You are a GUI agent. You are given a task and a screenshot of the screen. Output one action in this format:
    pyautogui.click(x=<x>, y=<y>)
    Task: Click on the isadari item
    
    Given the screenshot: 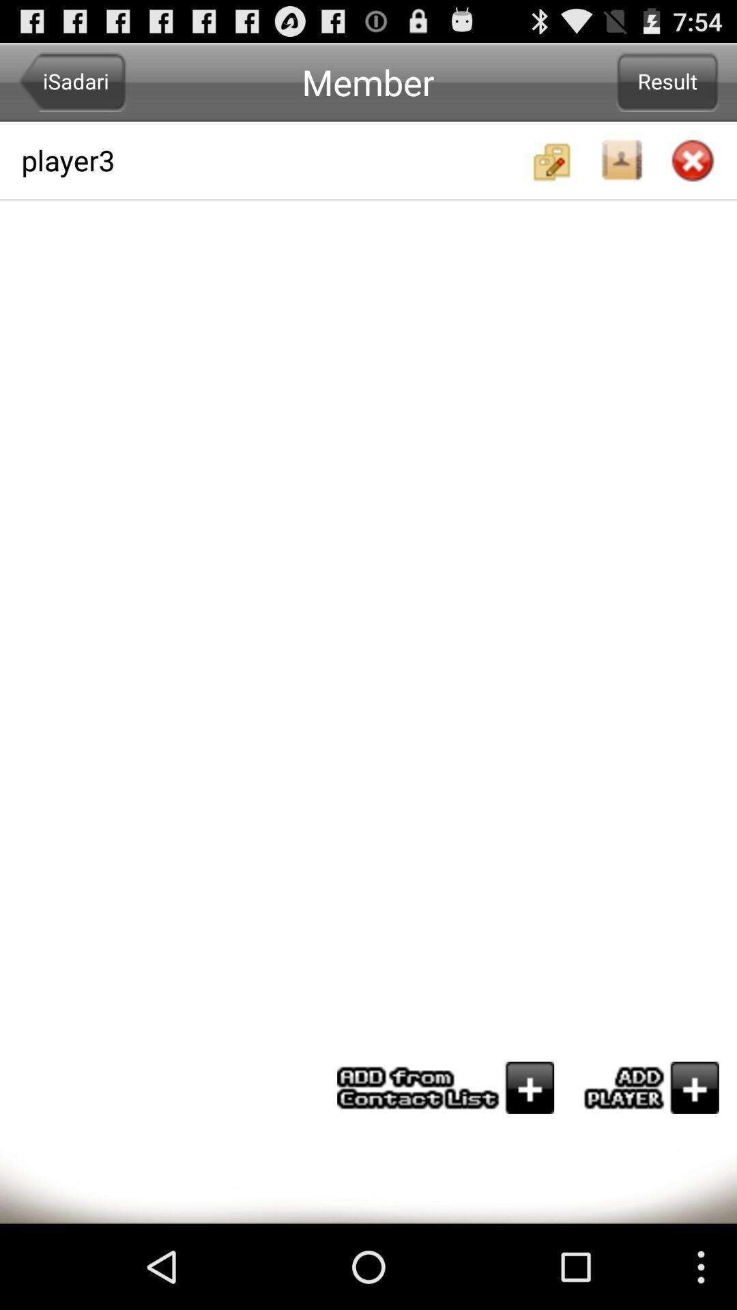 What is the action you would take?
    pyautogui.click(x=72, y=81)
    